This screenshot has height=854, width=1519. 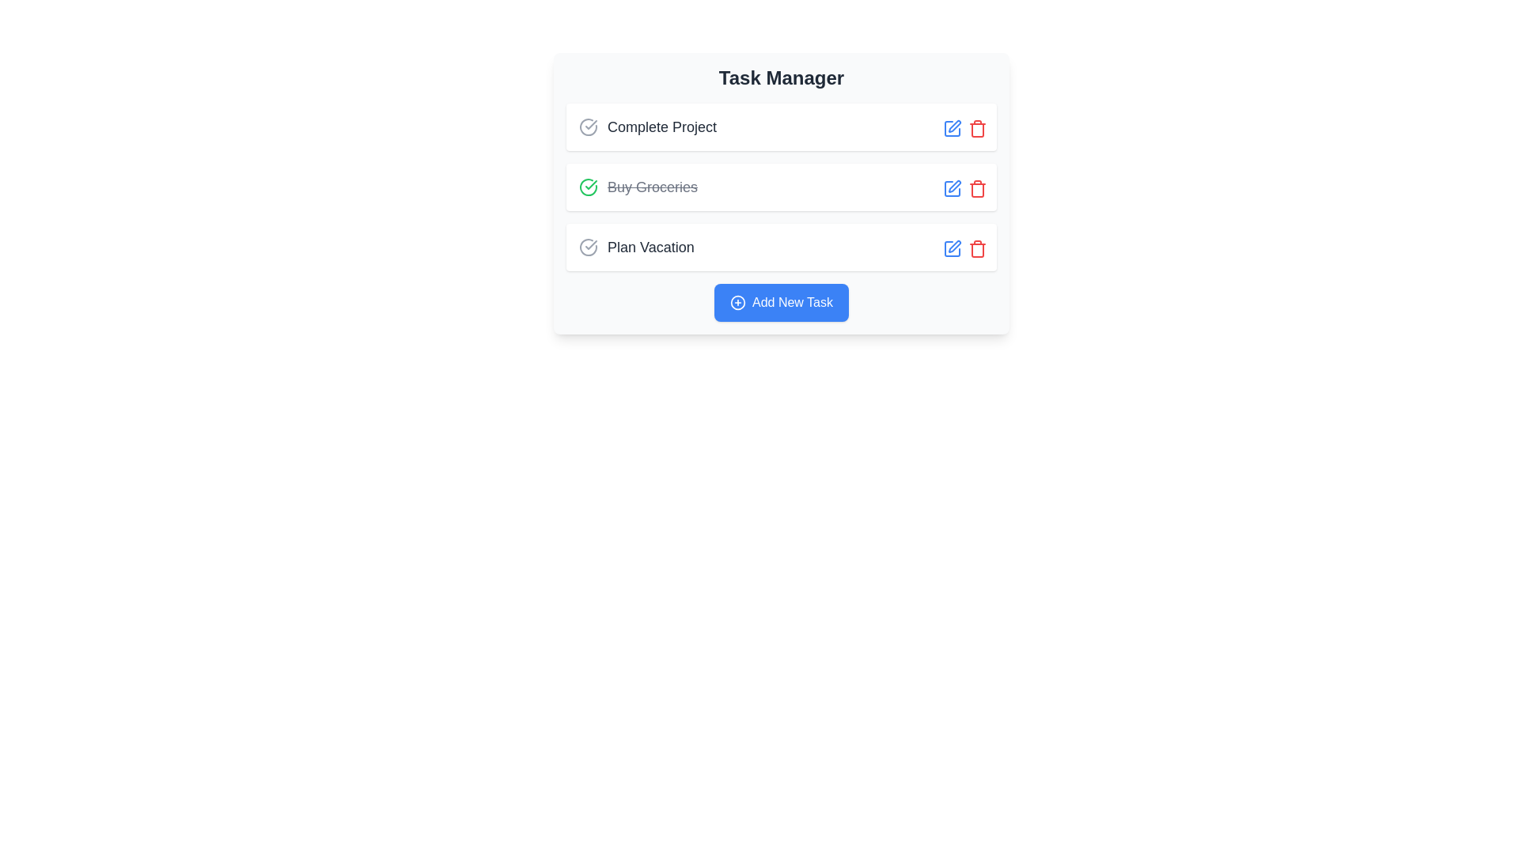 What do you see at coordinates (590, 184) in the screenshot?
I see `the green checkmark icon representing the completion of the 'Buy Groceries' task in the task list` at bounding box center [590, 184].